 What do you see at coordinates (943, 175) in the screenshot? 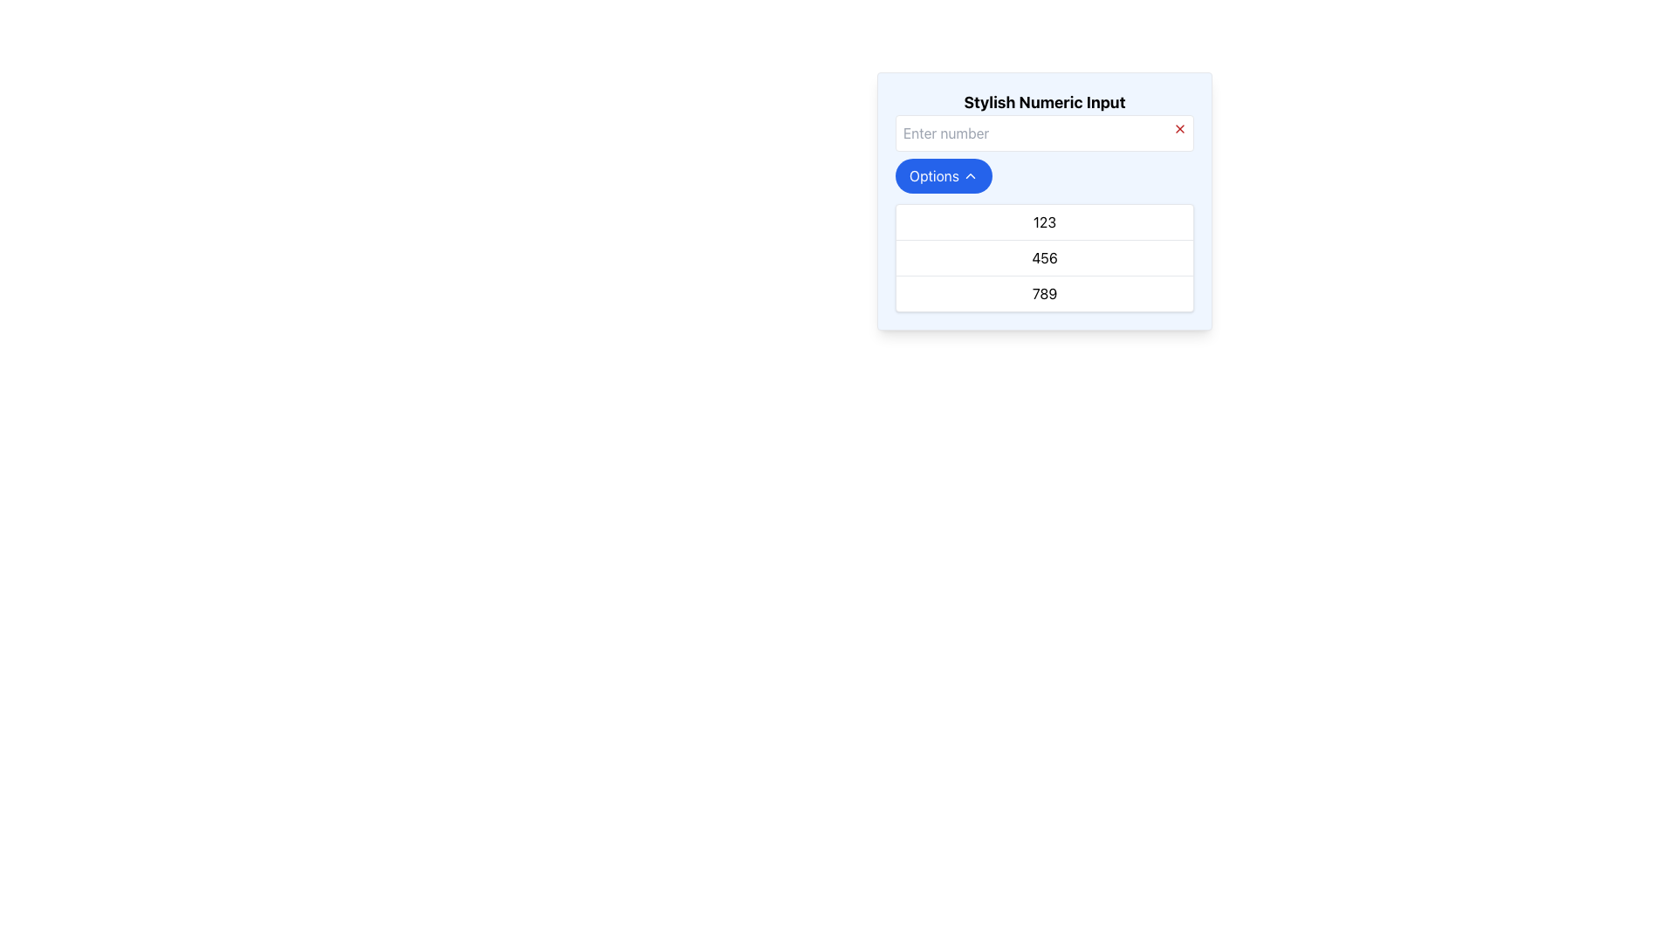
I see `the 'Options' button located below the text input field and above the numeric options list` at bounding box center [943, 175].